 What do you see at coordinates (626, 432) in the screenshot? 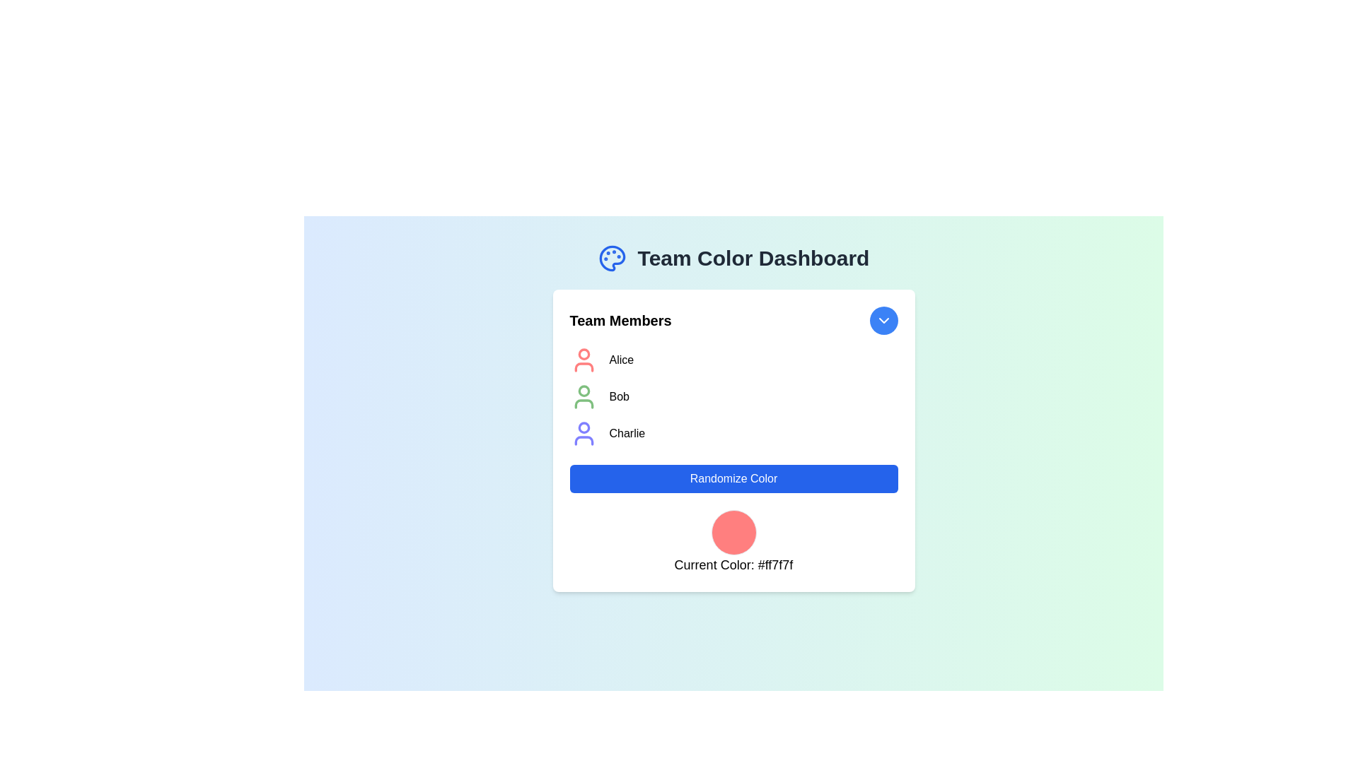
I see `the text label displaying the name 'Charlie' in the team member list on the dashboard interface` at bounding box center [626, 432].